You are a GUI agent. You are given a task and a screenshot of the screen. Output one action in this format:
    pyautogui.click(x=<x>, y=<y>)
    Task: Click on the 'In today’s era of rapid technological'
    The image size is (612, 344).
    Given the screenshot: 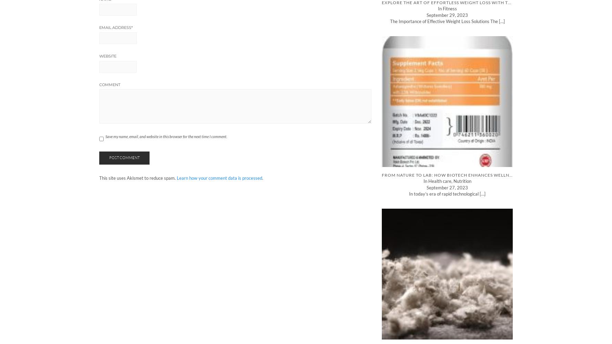 What is the action you would take?
    pyautogui.click(x=444, y=194)
    